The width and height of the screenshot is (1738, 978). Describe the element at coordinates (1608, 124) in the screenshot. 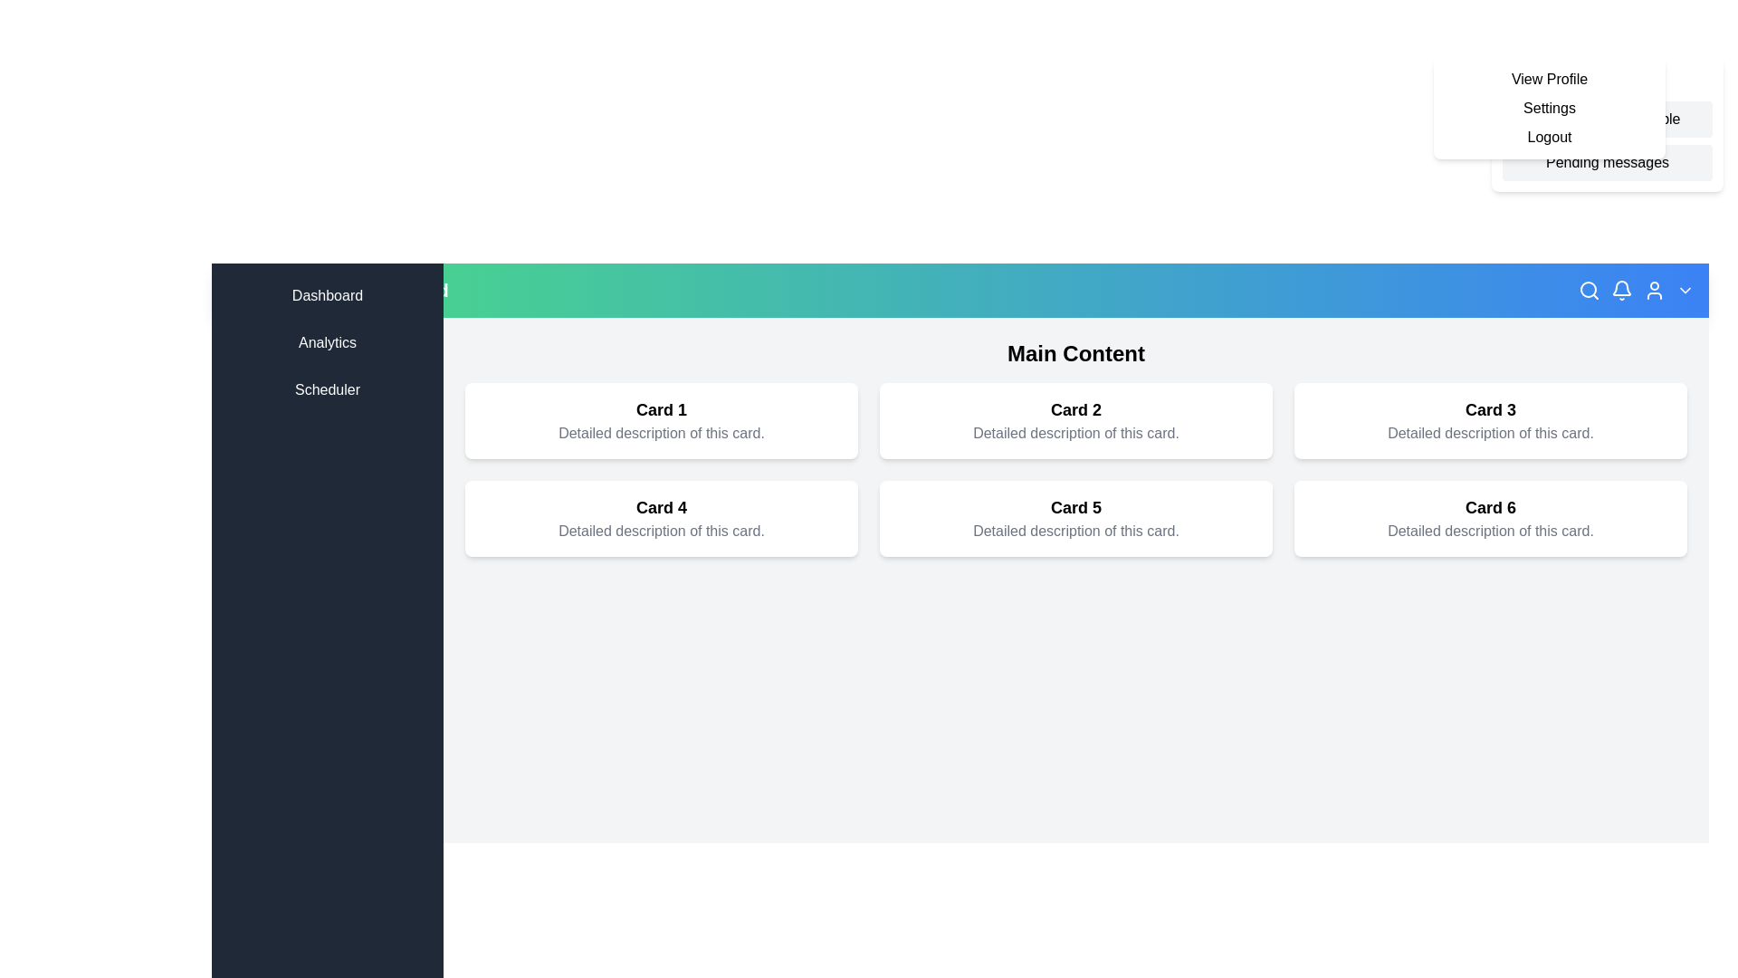

I see `the Notification panel in the upper-right corner of the interface` at that location.